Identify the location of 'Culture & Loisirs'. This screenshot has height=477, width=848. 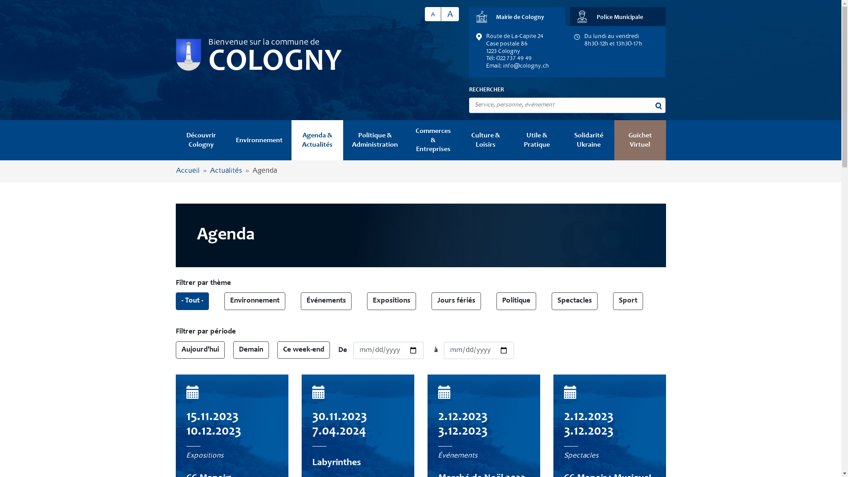
(485, 140).